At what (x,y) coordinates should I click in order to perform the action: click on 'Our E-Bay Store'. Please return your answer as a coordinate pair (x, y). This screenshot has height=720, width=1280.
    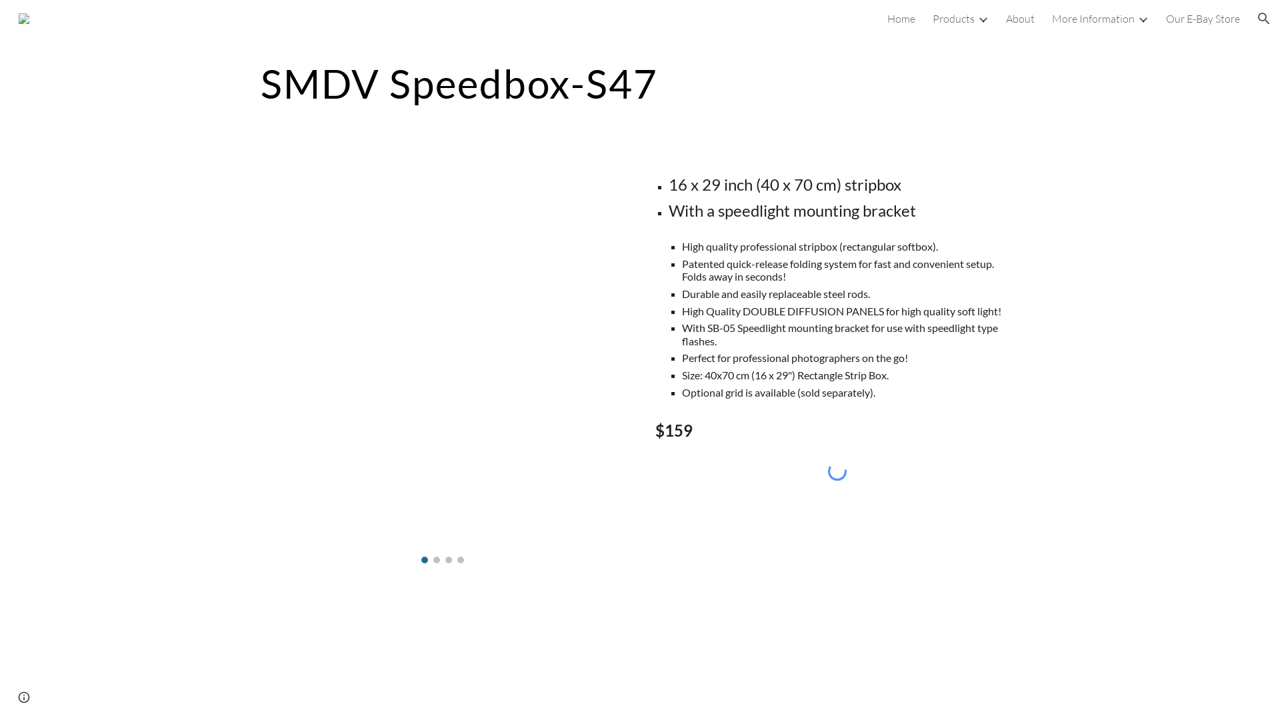
    Looking at the image, I should click on (1203, 18).